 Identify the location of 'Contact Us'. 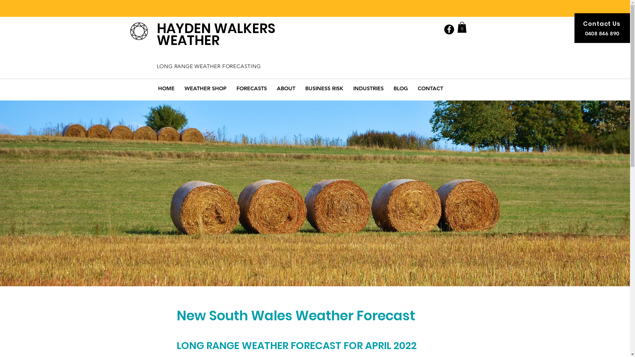
(602, 23).